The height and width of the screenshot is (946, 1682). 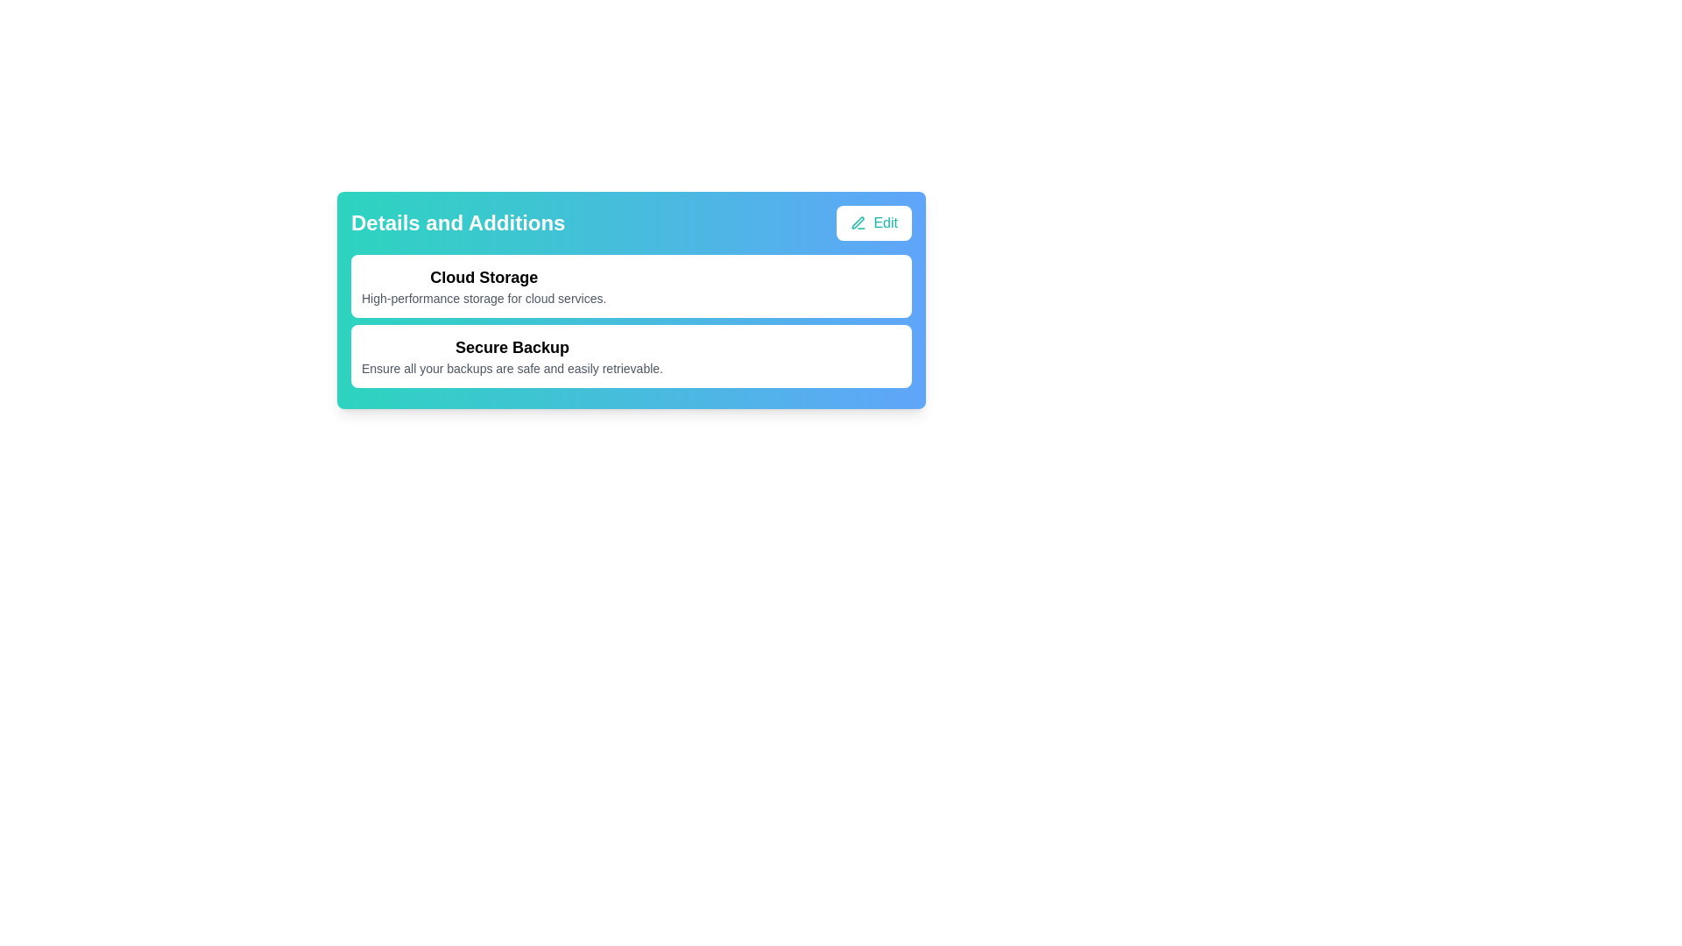 What do you see at coordinates (484, 276) in the screenshot?
I see `the 'Cloud Storage' title label` at bounding box center [484, 276].